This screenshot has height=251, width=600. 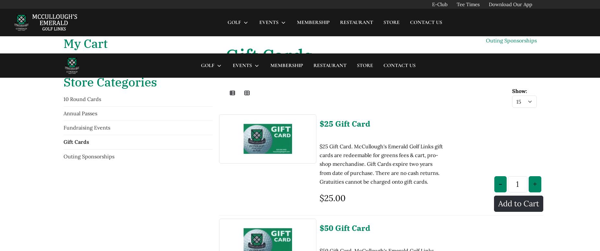 What do you see at coordinates (345, 70) in the screenshot?
I see `'$25 Gift Card'` at bounding box center [345, 70].